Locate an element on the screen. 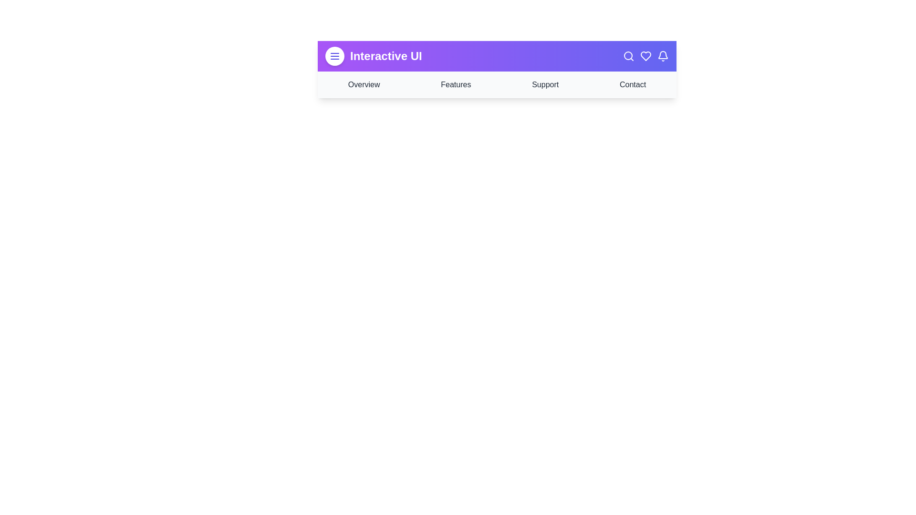 This screenshot has width=916, height=515. the search icon in the app bar is located at coordinates (629, 56).